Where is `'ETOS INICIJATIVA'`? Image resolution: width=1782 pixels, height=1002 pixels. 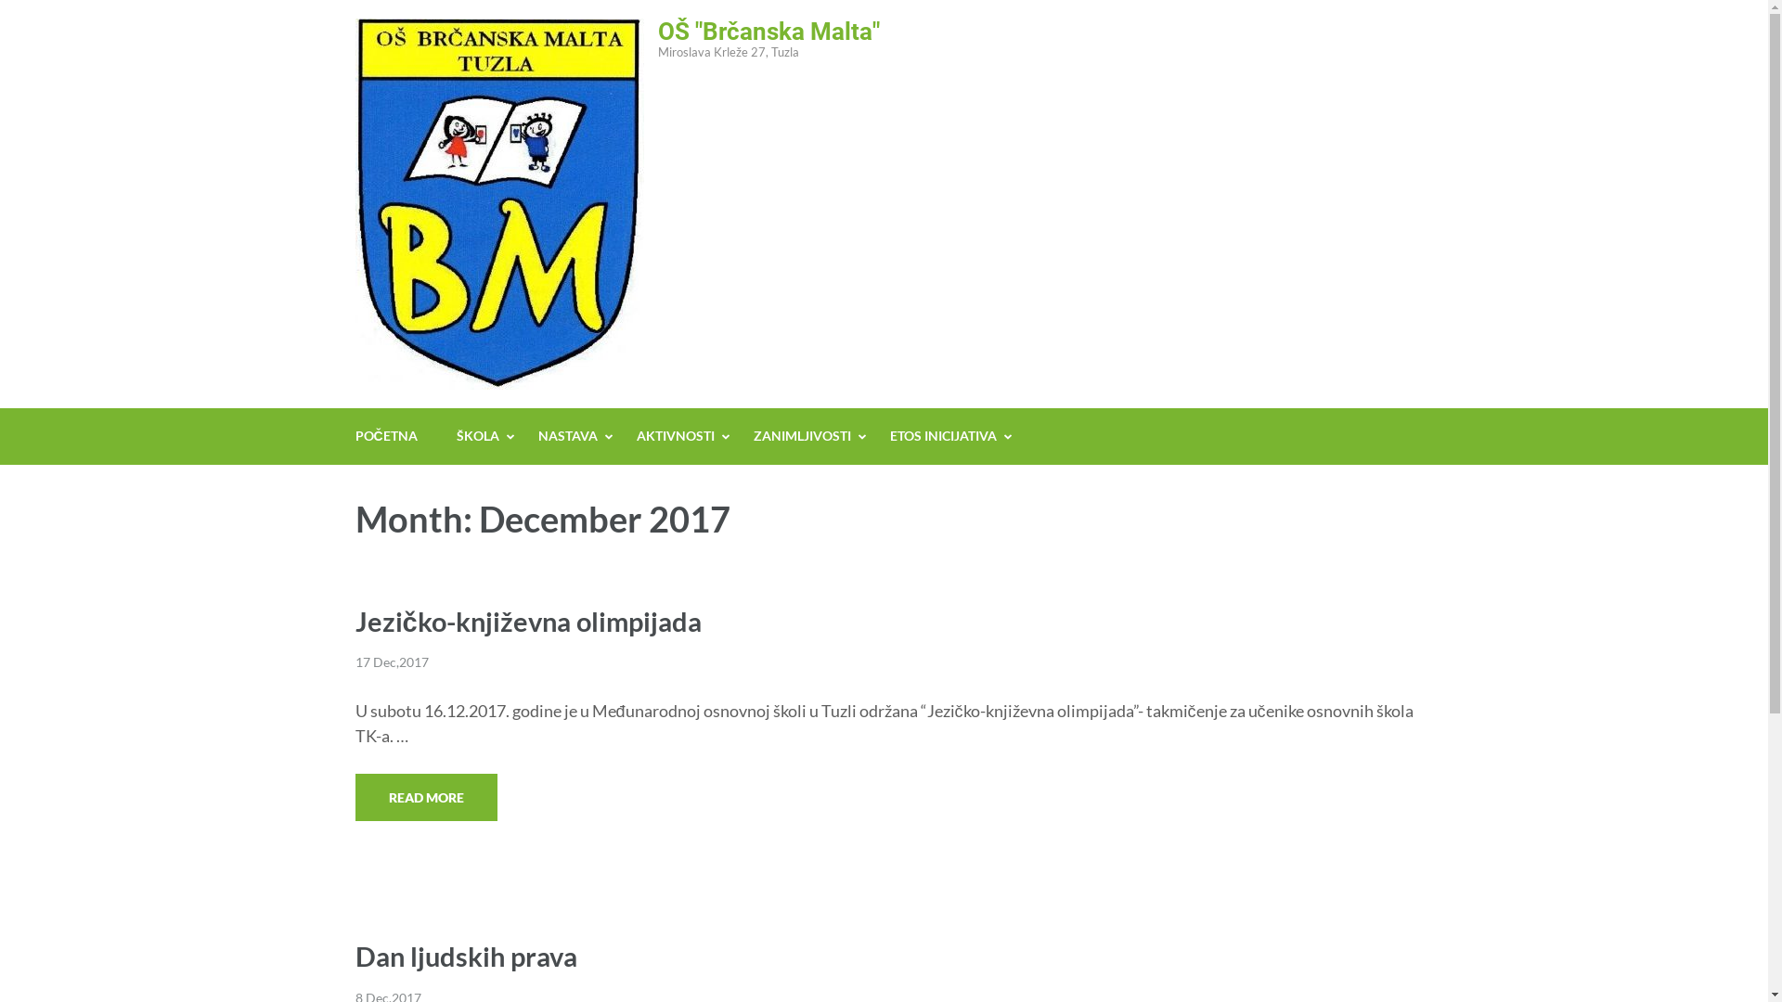
'ETOS INICIJATIVA' is located at coordinates (943, 436).